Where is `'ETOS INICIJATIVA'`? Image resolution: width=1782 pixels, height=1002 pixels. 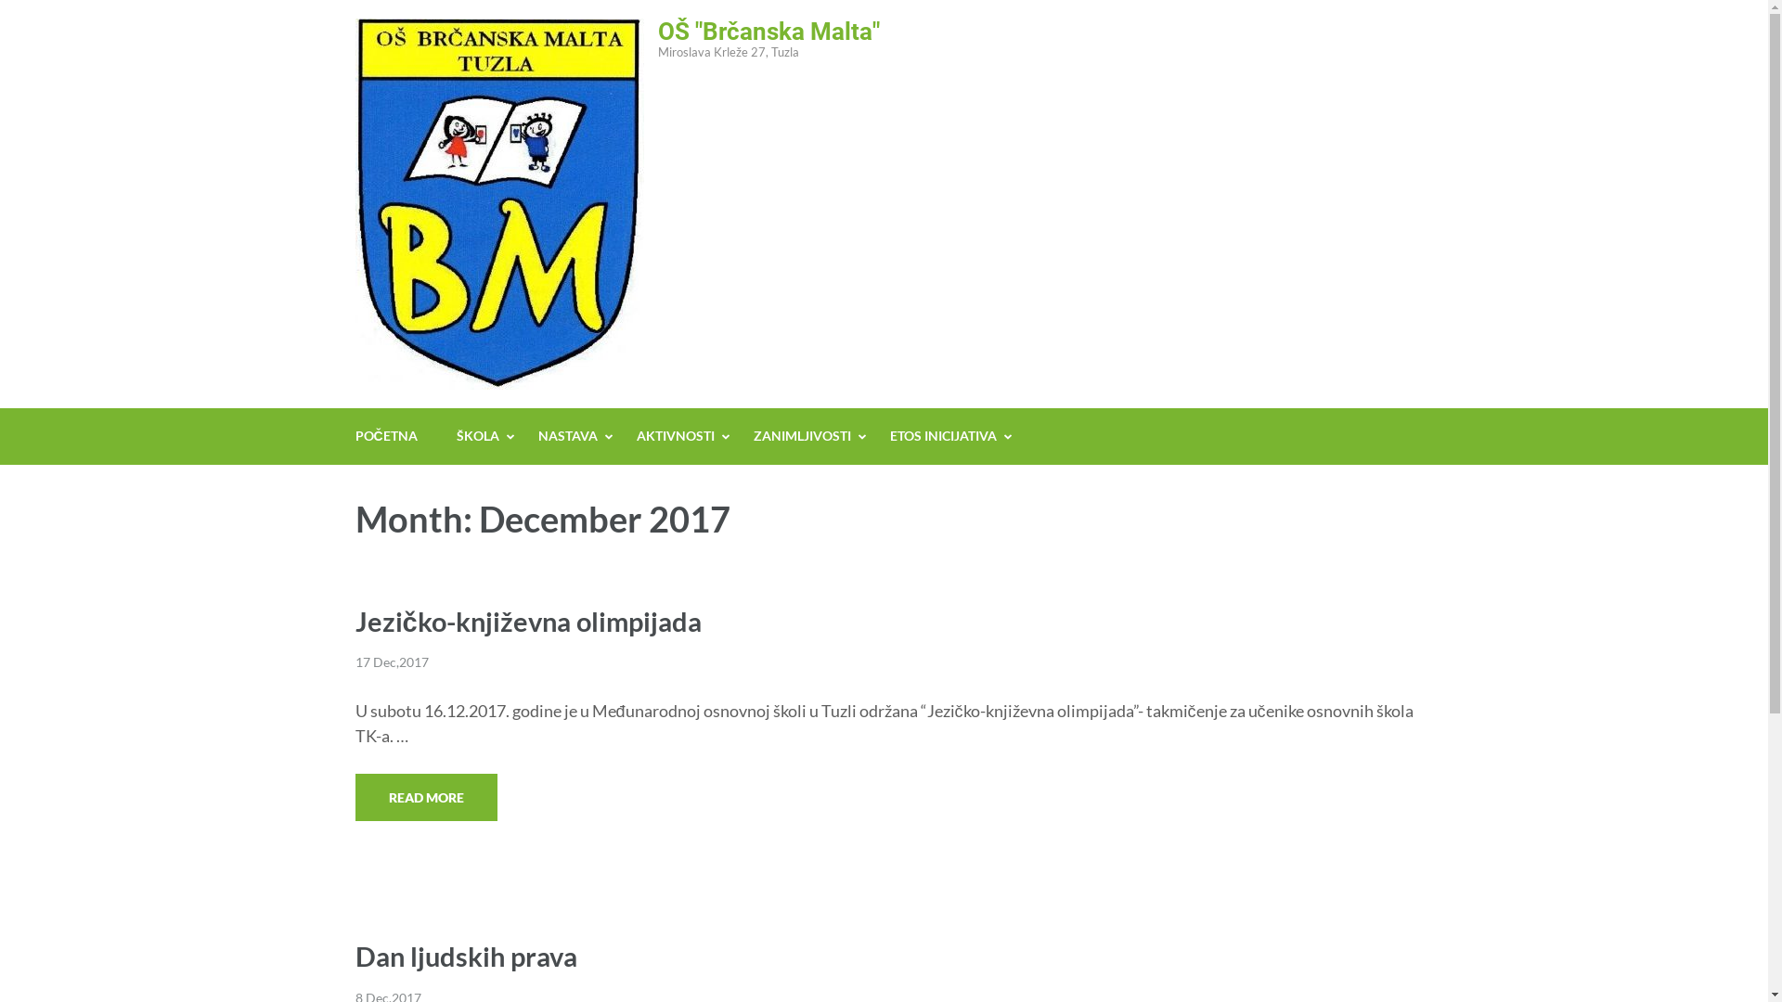
'ETOS INICIJATIVA' is located at coordinates (943, 436).